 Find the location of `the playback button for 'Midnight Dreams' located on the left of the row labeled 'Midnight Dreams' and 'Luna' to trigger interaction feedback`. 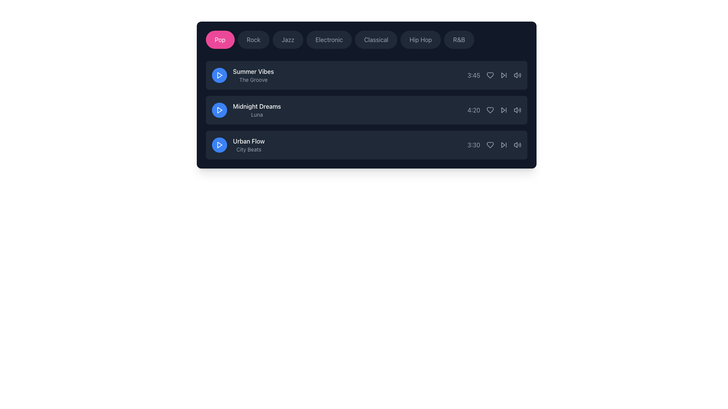

the playback button for 'Midnight Dreams' located on the left of the row labeled 'Midnight Dreams' and 'Luna' to trigger interaction feedback is located at coordinates (219, 110).